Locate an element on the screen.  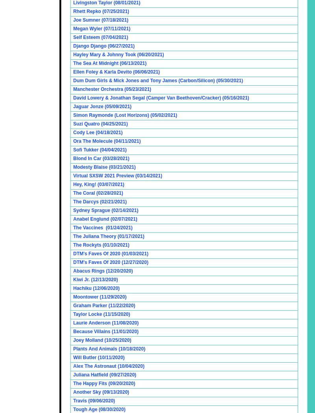
'Megan Wyler  (07/11/2021)' is located at coordinates (101, 28).